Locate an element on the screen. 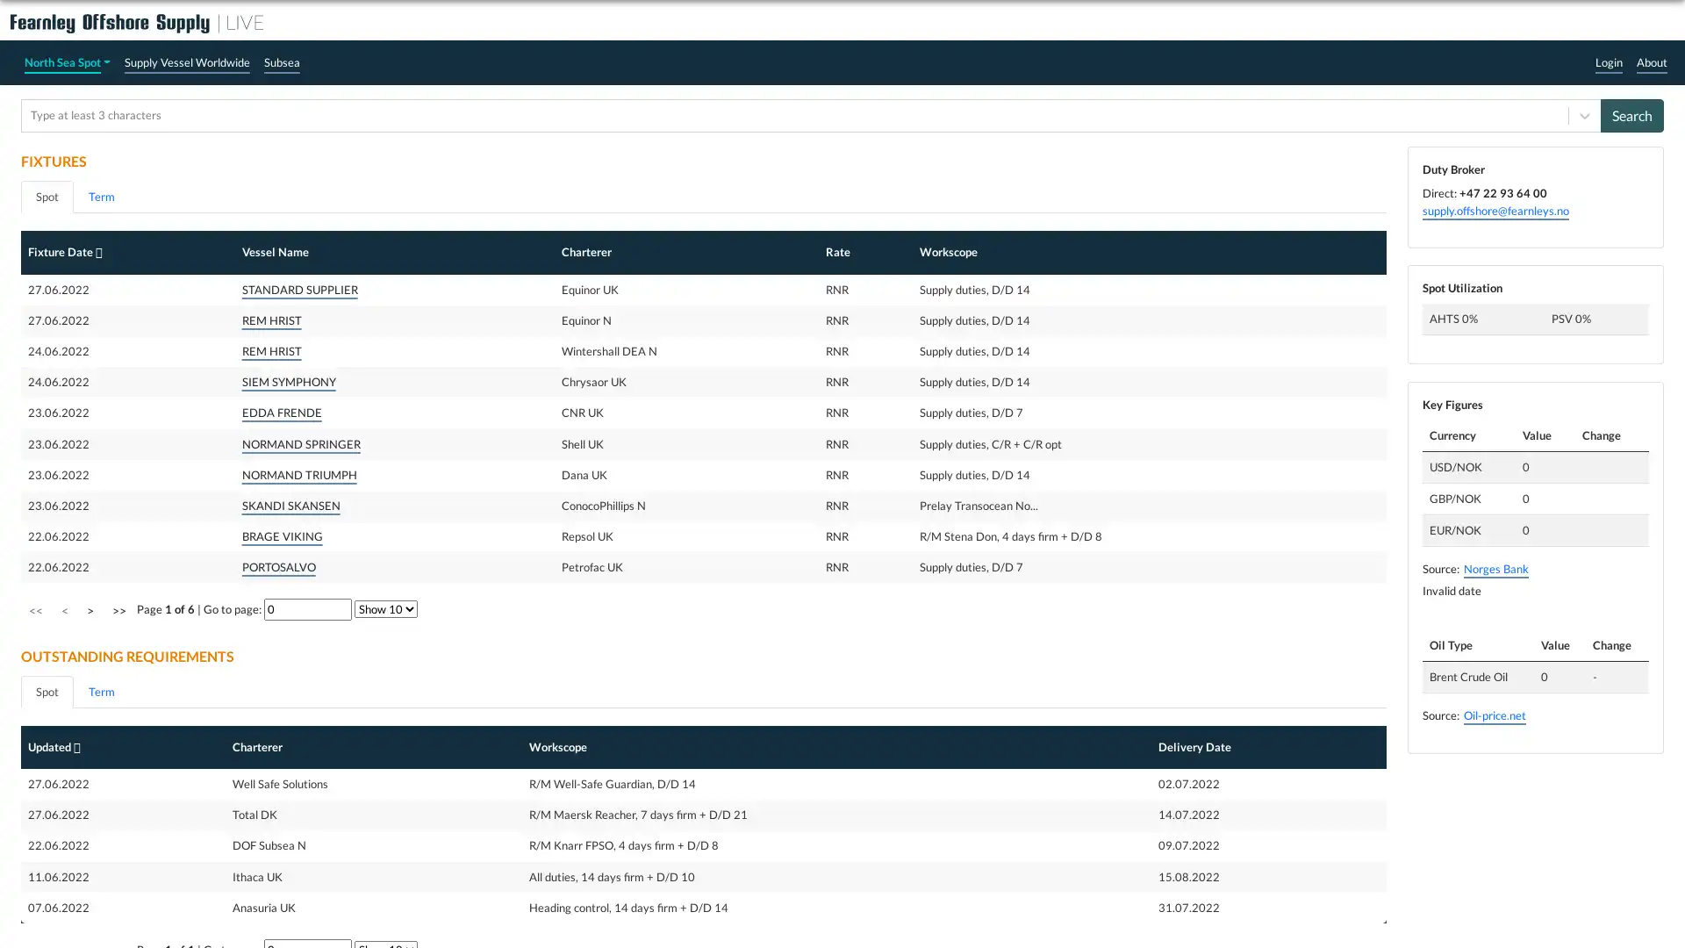 The height and width of the screenshot is (948, 1685). North Sea Spot is located at coordinates (67, 61).